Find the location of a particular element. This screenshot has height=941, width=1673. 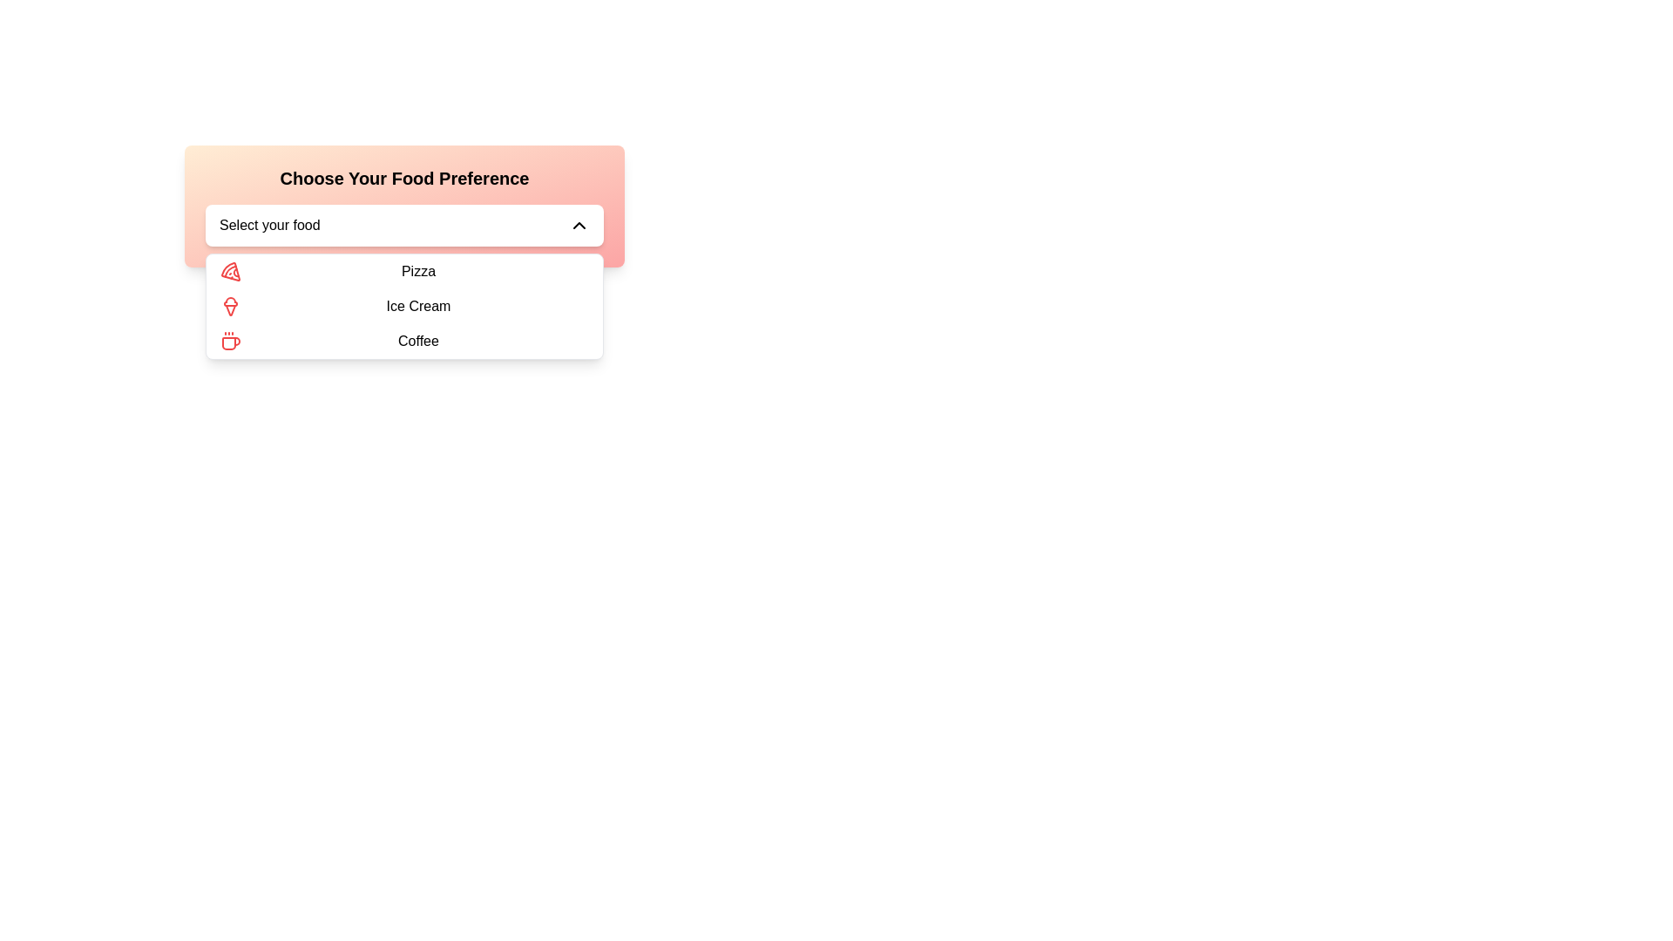

the graphical details of the red ice cream cone icon located on the left side of the 'Ice Cream' menu item in the dropdown list is located at coordinates (229, 305).